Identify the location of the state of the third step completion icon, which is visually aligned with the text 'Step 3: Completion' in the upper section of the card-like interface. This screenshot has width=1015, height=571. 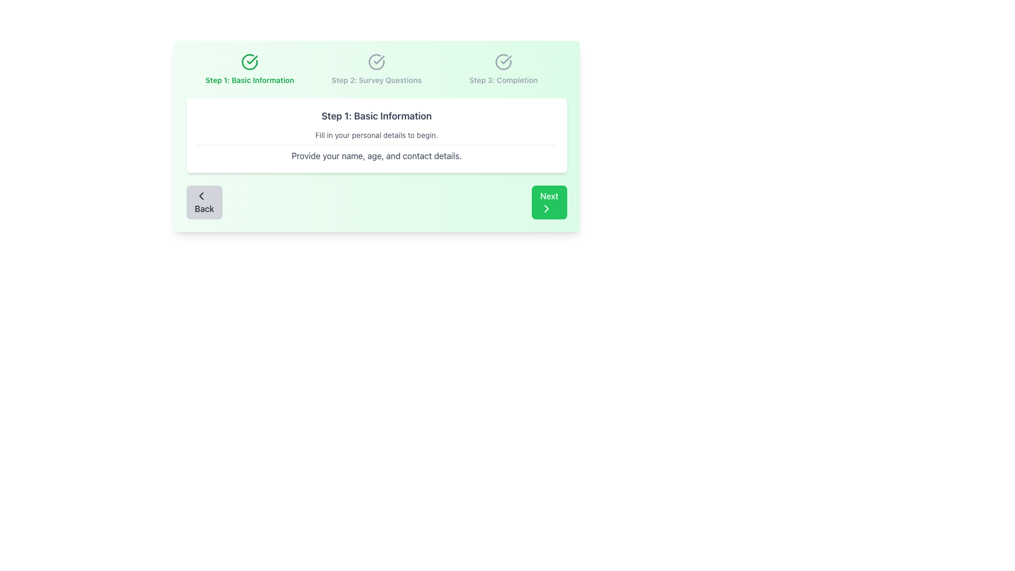
(503, 62).